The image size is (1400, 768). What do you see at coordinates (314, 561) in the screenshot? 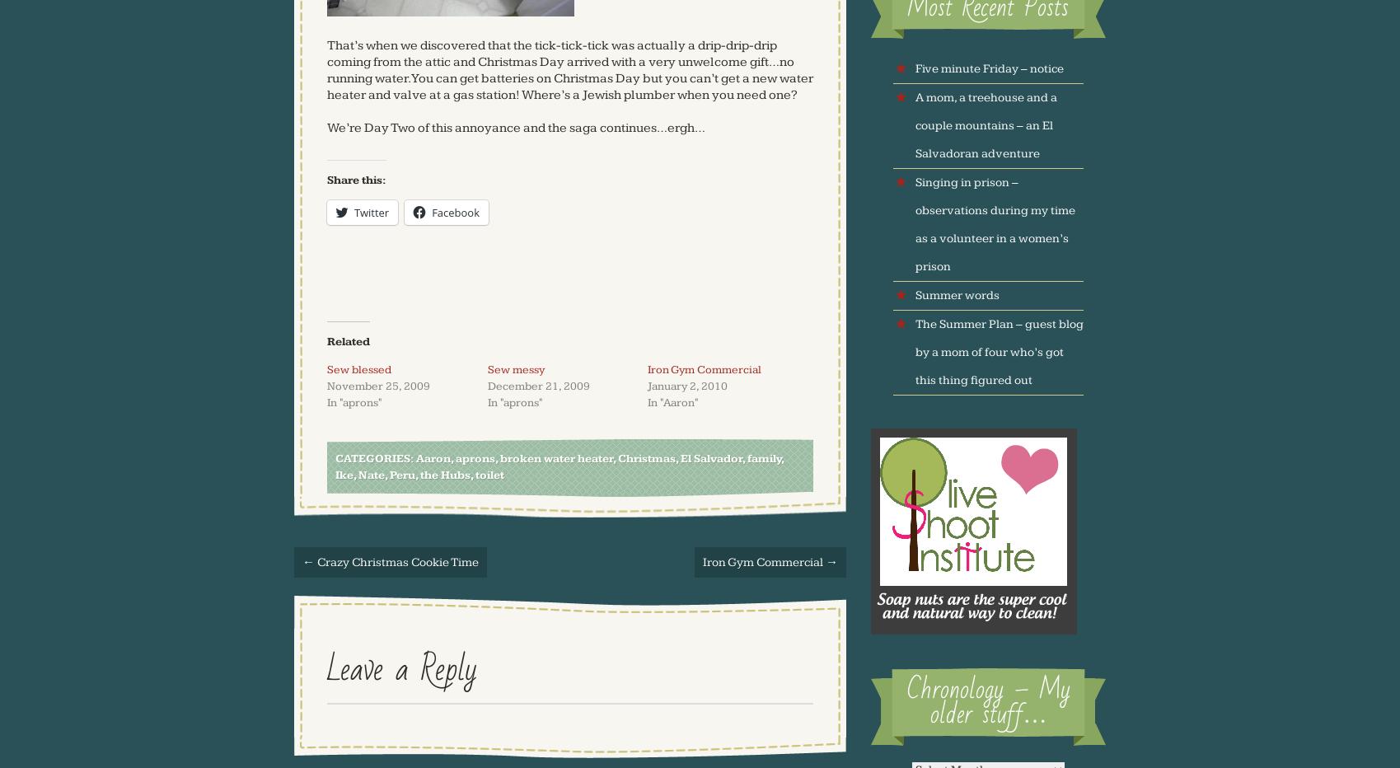
I see `'Crazy Christmas Cookie Time'` at bounding box center [314, 561].